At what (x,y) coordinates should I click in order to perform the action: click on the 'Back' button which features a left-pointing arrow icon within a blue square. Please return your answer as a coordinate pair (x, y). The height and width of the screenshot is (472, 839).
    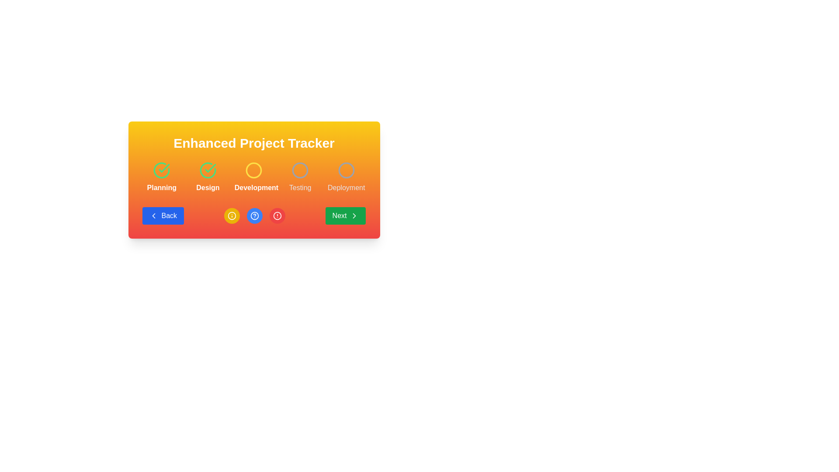
    Looking at the image, I should click on (153, 215).